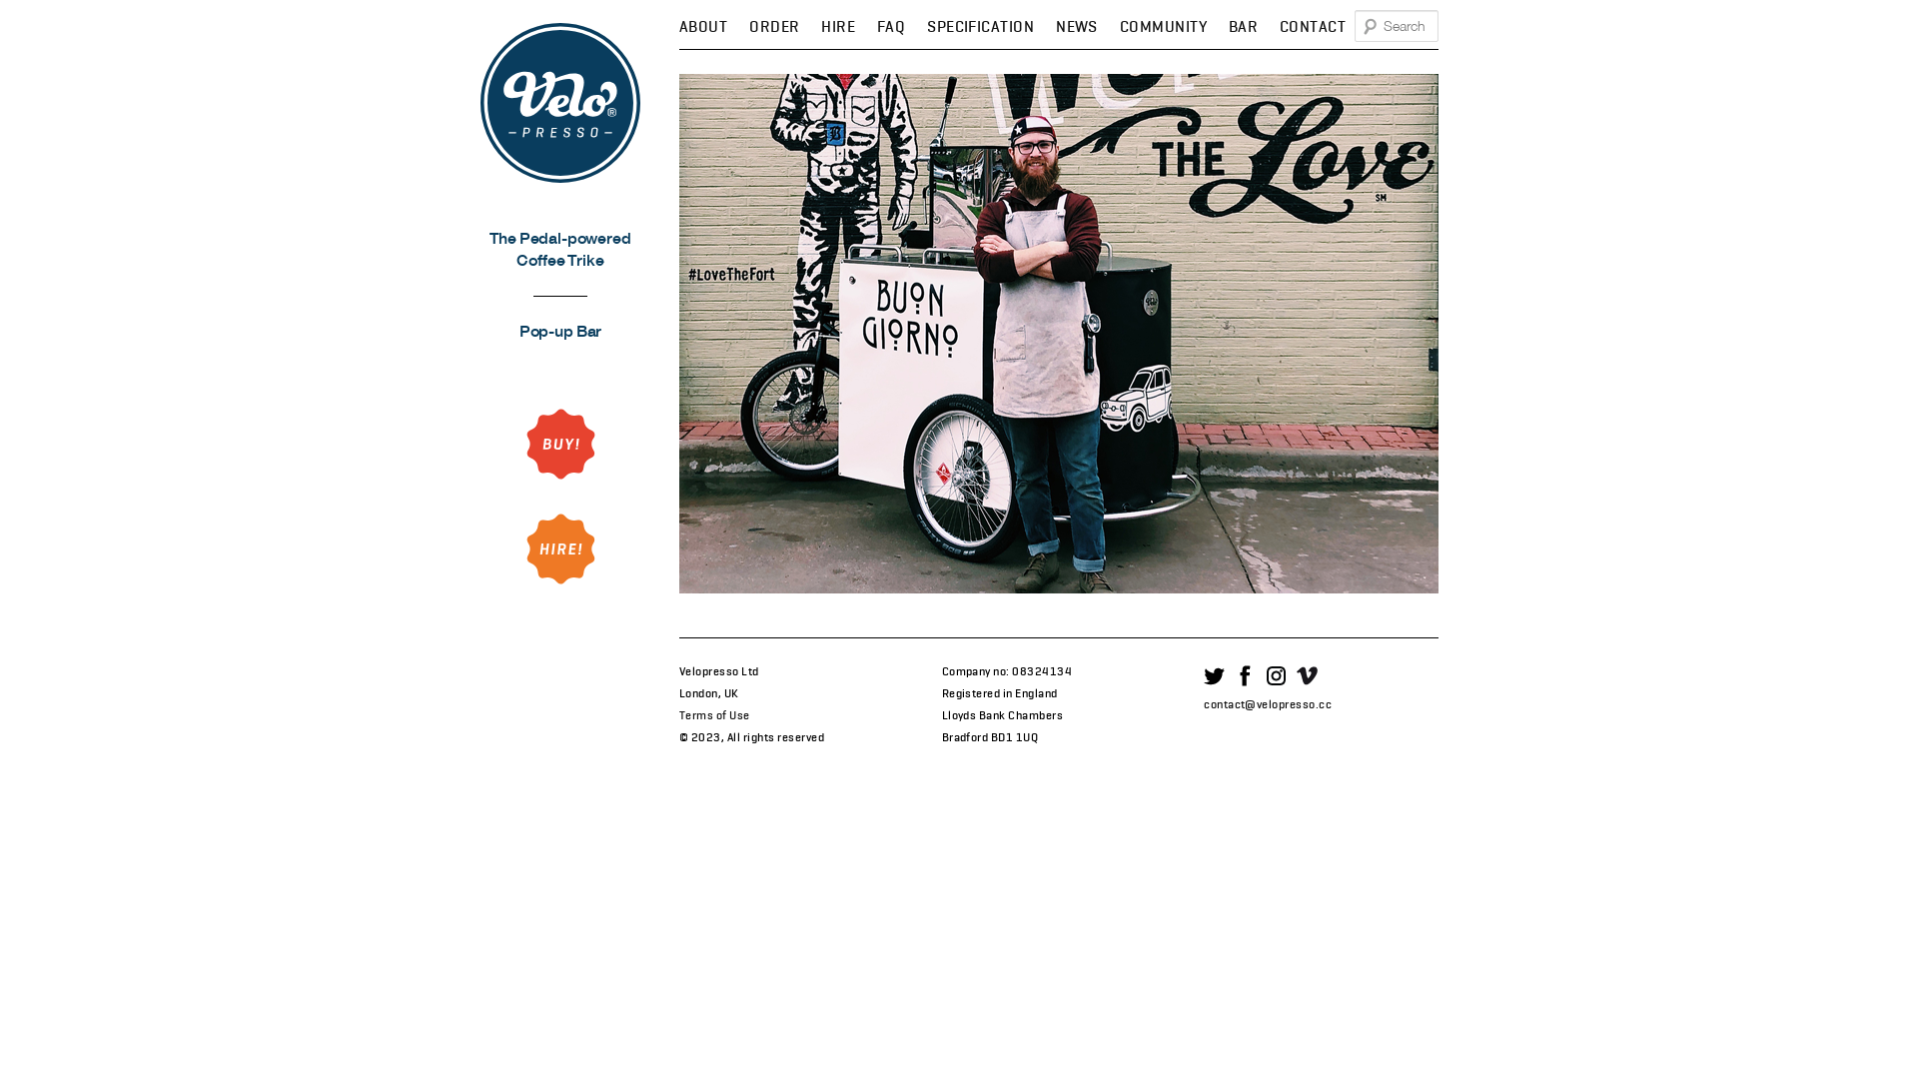 The image size is (1918, 1079). What do you see at coordinates (1252, 27) in the screenshot?
I see `'BAR'` at bounding box center [1252, 27].